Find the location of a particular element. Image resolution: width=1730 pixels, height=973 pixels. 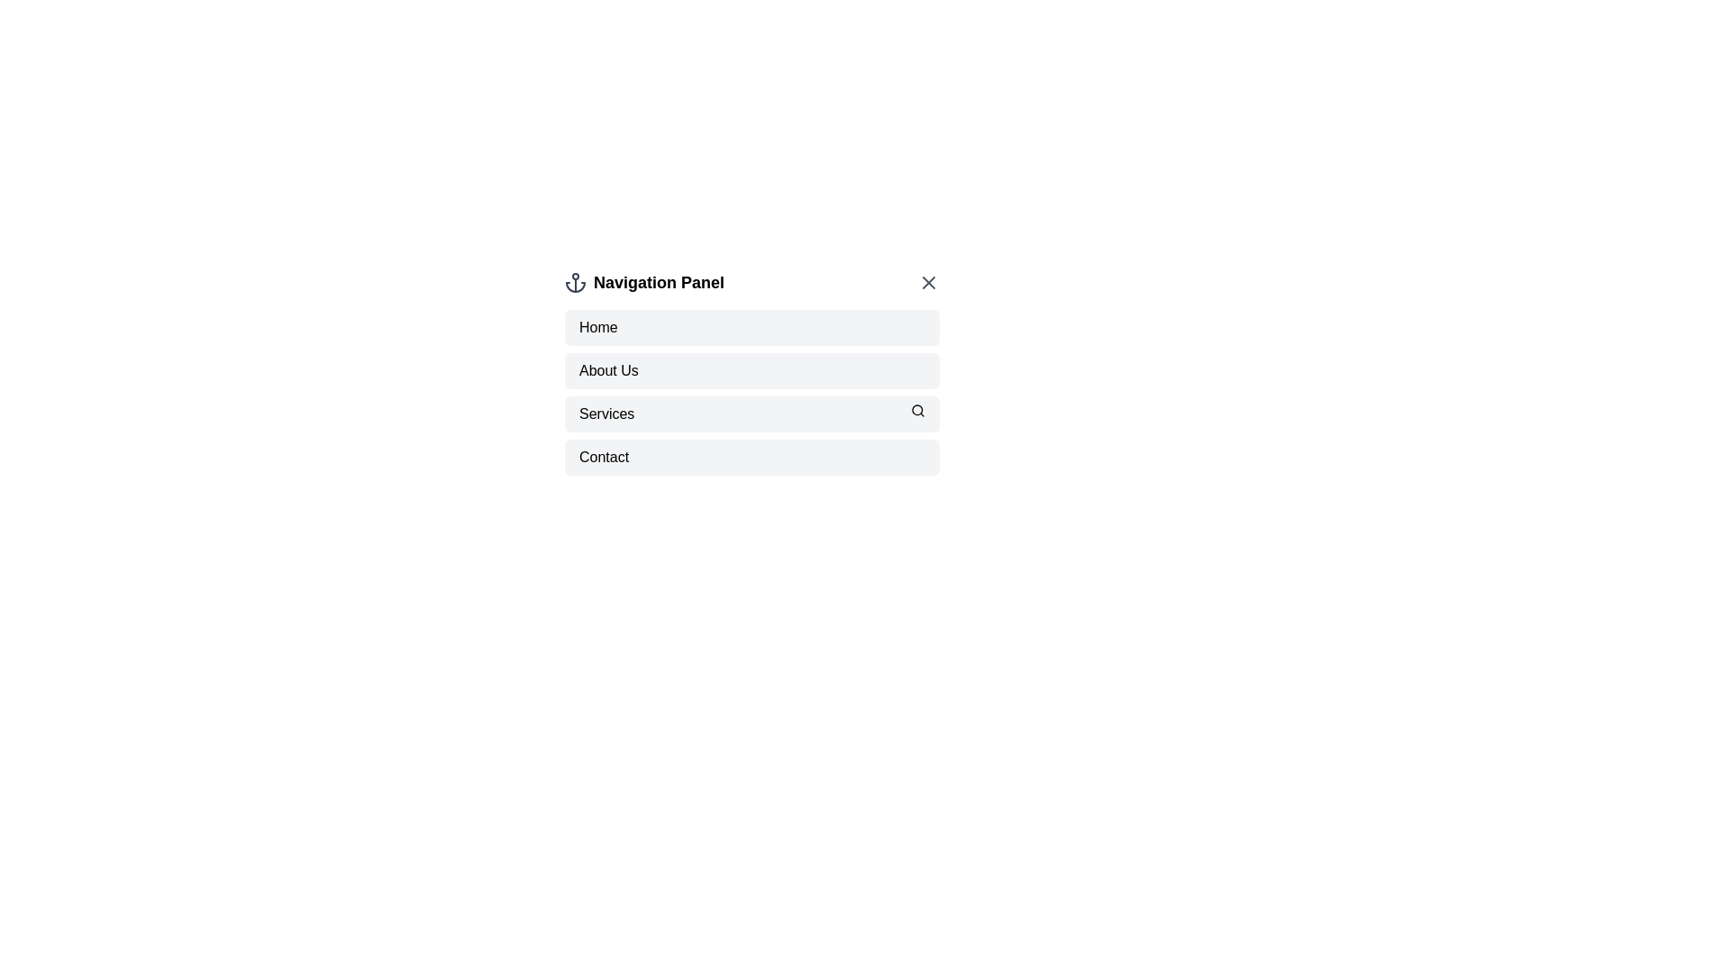

the 'close' button located in the top-right corner of the 'Navigation Panel' is located at coordinates (929, 282).